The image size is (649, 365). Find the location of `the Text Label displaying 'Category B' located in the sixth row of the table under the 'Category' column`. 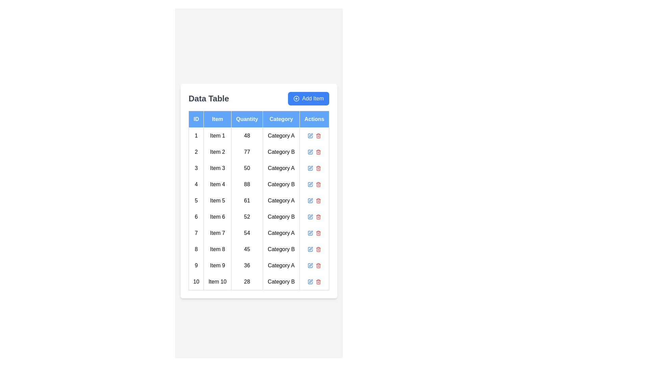

the Text Label displaying 'Category B' located in the sixth row of the table under the 'Category' column is located at coordinates (281, 217).